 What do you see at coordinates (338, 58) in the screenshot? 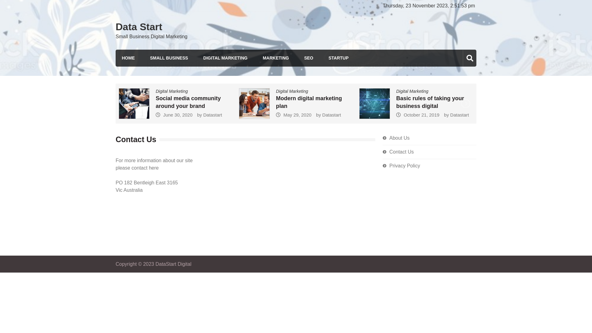
I see `'STARTUP'` at bounding box center [338, 58].